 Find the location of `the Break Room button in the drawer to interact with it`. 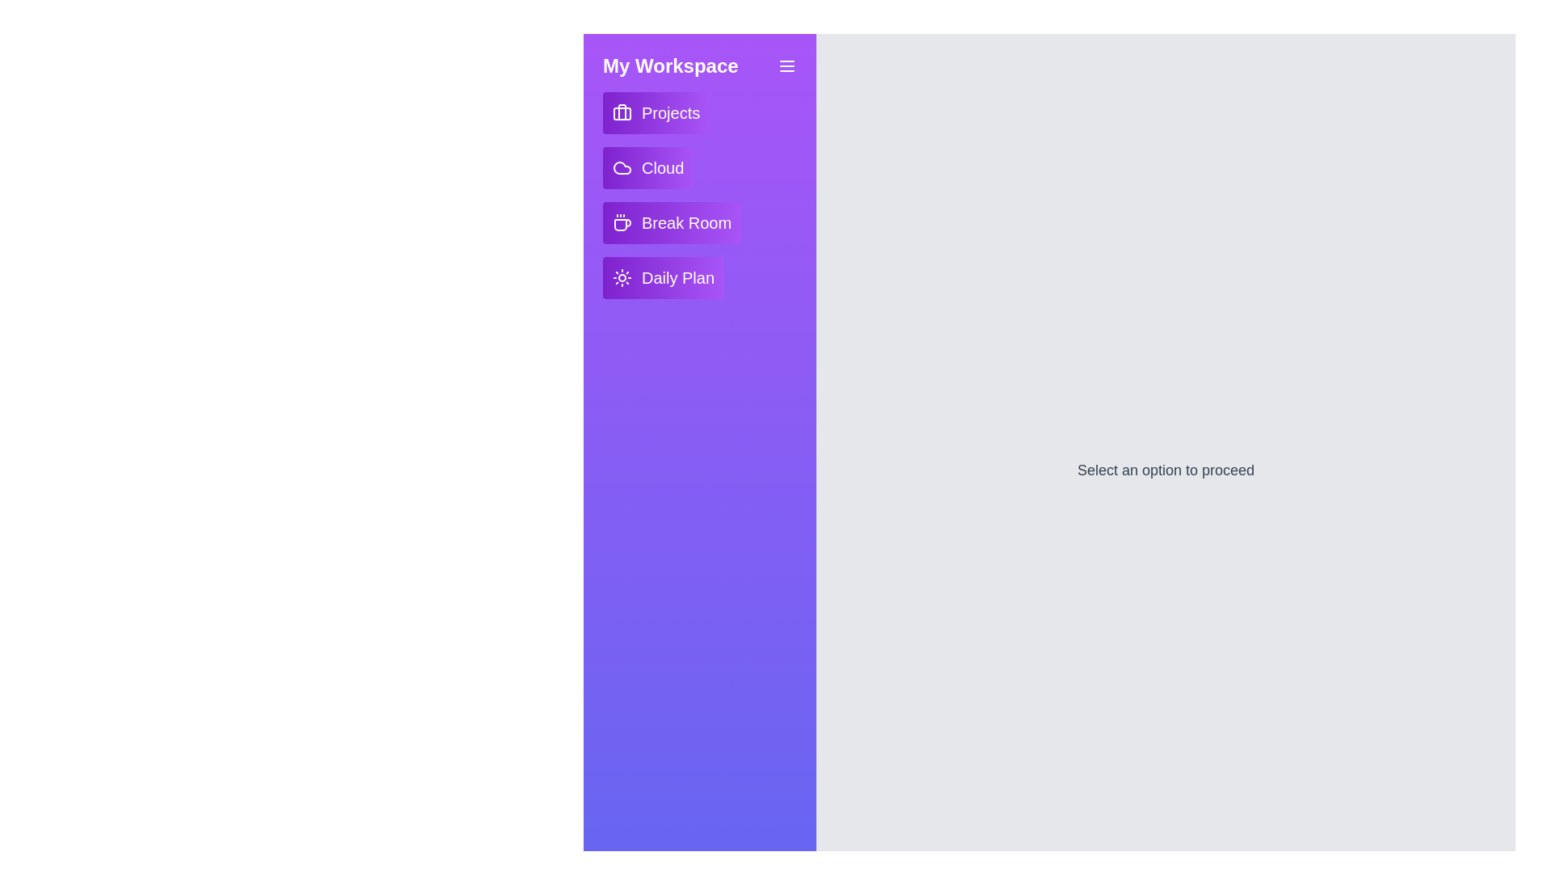

the Break Room button in the drawer to interact with it is located at coordinates (671, 223).